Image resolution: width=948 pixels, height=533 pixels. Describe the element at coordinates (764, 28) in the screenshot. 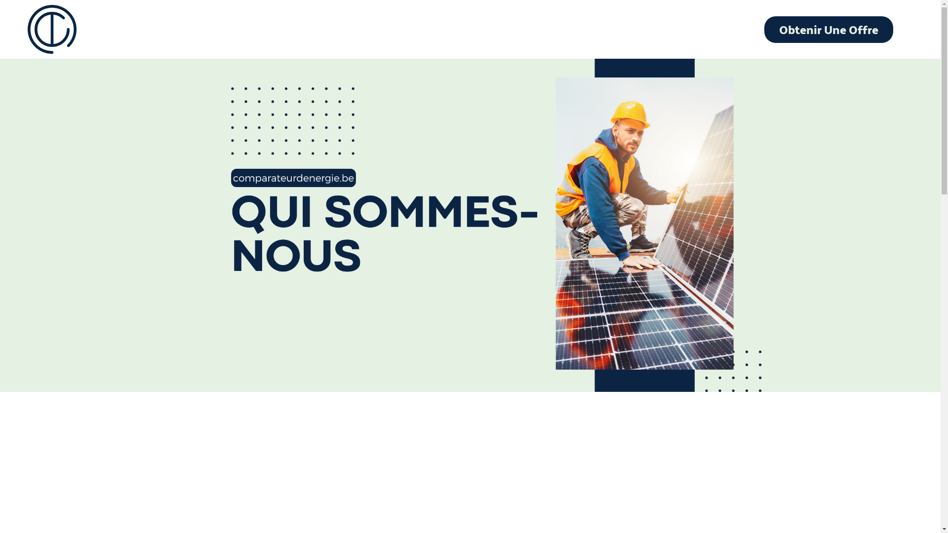

I see `'Obtenir Une Offre'` at that location.